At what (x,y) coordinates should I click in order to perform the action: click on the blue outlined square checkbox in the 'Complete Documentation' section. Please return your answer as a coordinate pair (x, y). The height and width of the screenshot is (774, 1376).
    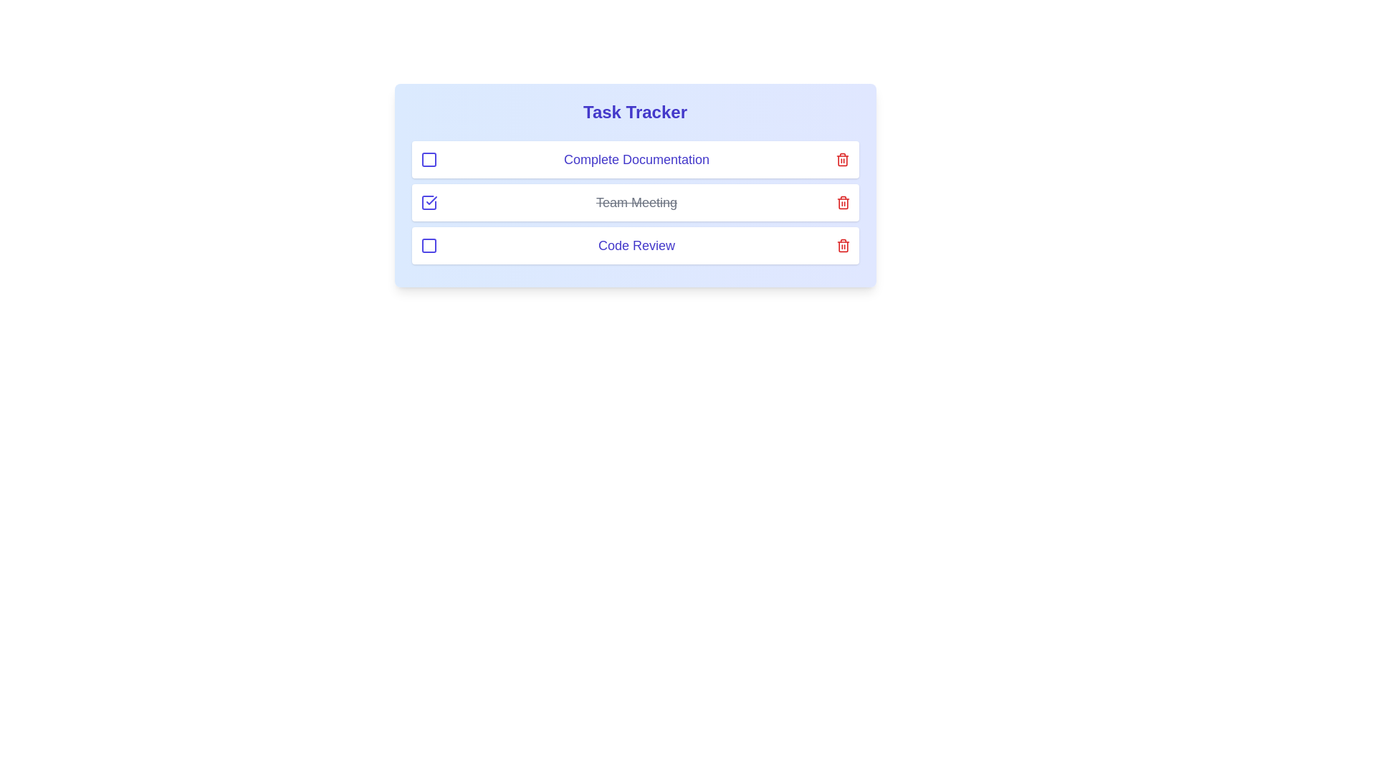
    Looking at the image, I should click on (428, 160).